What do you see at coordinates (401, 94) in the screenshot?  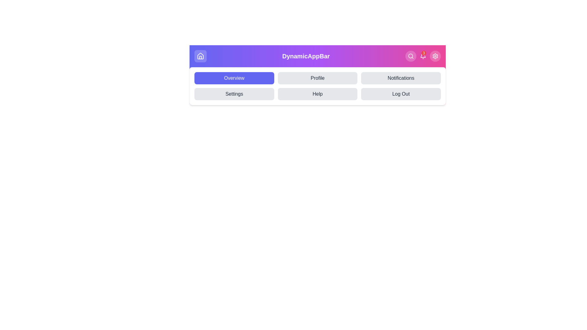 I see `the Log Out tab in the navigation menu` at bounding box center [401, 94].